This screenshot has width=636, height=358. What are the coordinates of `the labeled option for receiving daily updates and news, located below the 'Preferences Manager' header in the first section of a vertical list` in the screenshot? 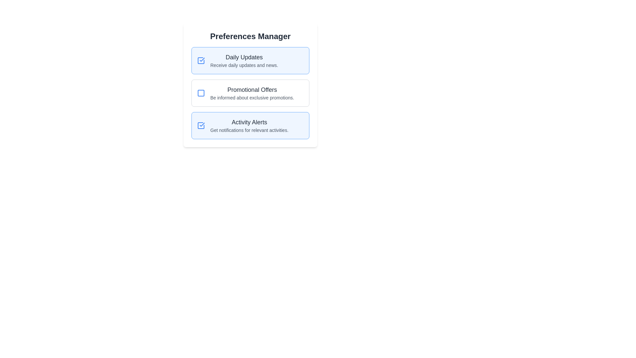 It's located at (244, 60).